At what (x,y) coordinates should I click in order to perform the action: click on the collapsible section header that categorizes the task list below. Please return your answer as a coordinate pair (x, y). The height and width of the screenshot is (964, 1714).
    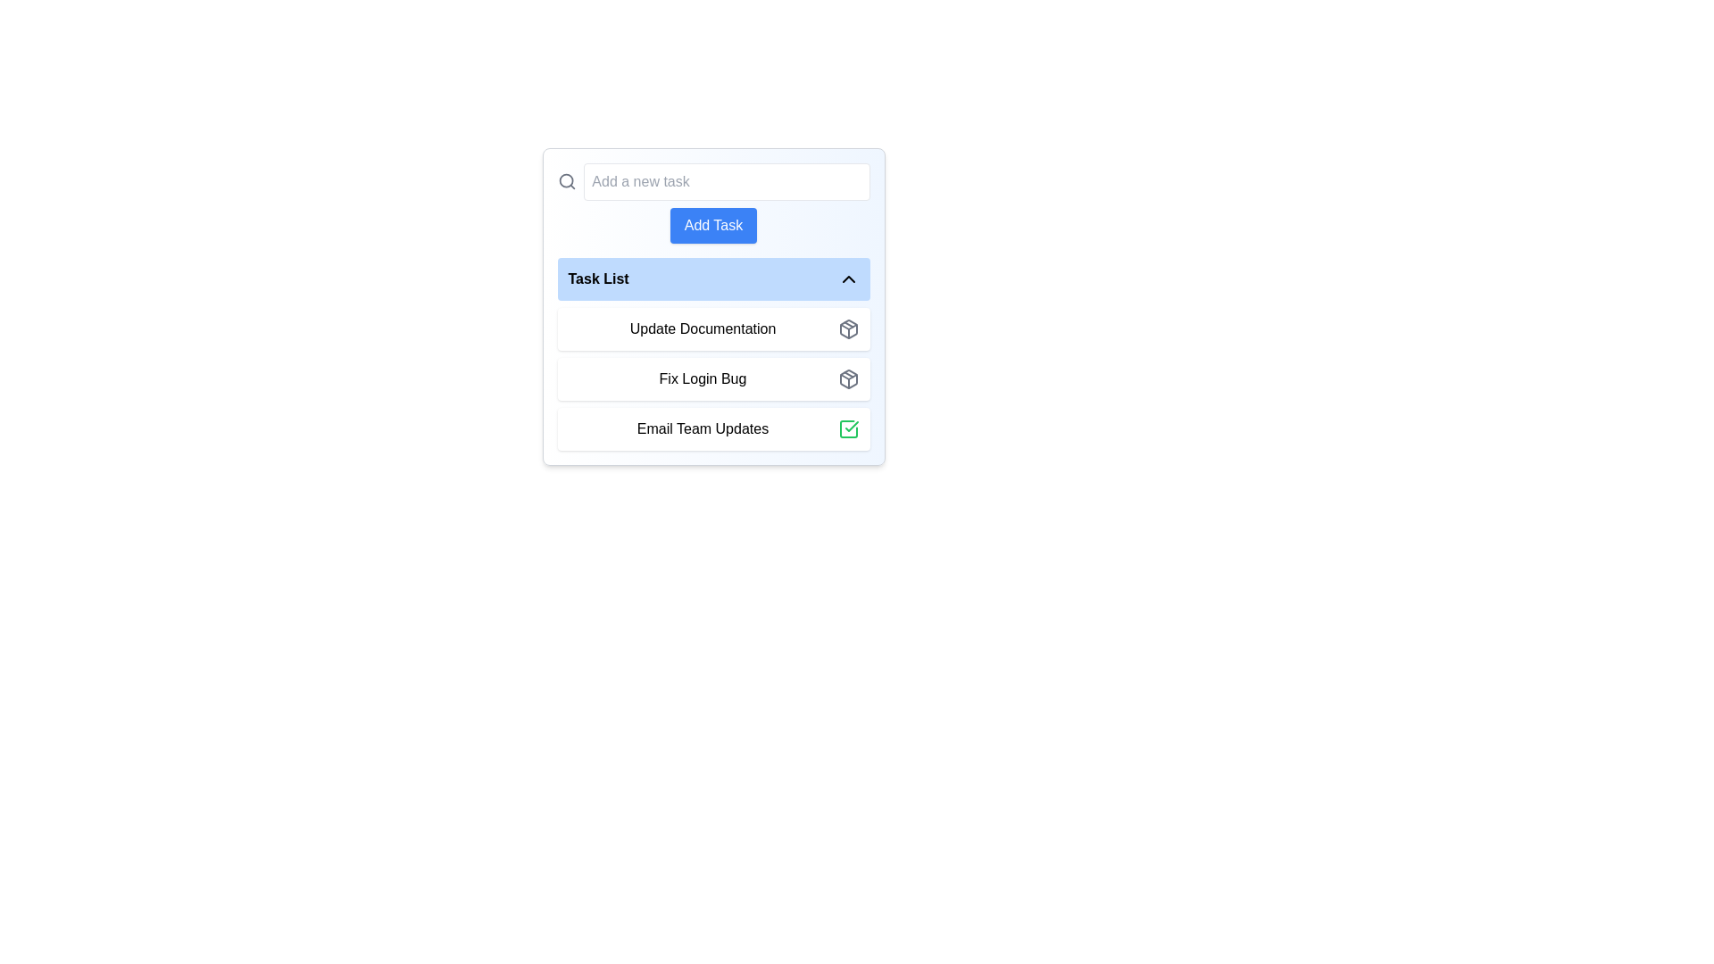
    Looking at the image, I should click on (712, 305).